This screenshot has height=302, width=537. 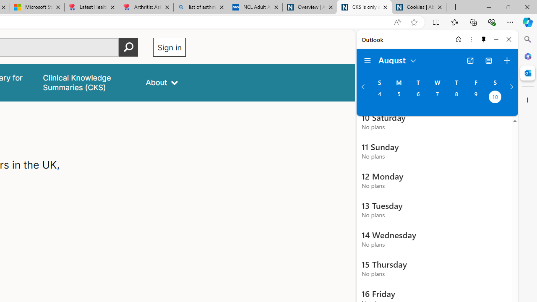 What do you see at coordinates (419, 7) in the screenshot?
I see `'Cookies | About | NICE'` at bounding box center [419, 7].